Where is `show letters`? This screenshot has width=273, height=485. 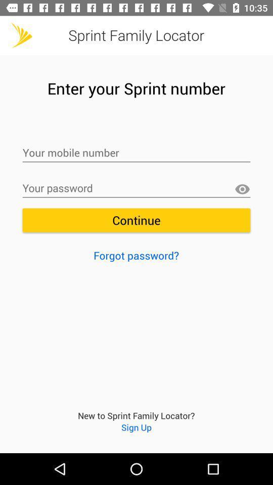
show letters is located at coordinates (242, 189).